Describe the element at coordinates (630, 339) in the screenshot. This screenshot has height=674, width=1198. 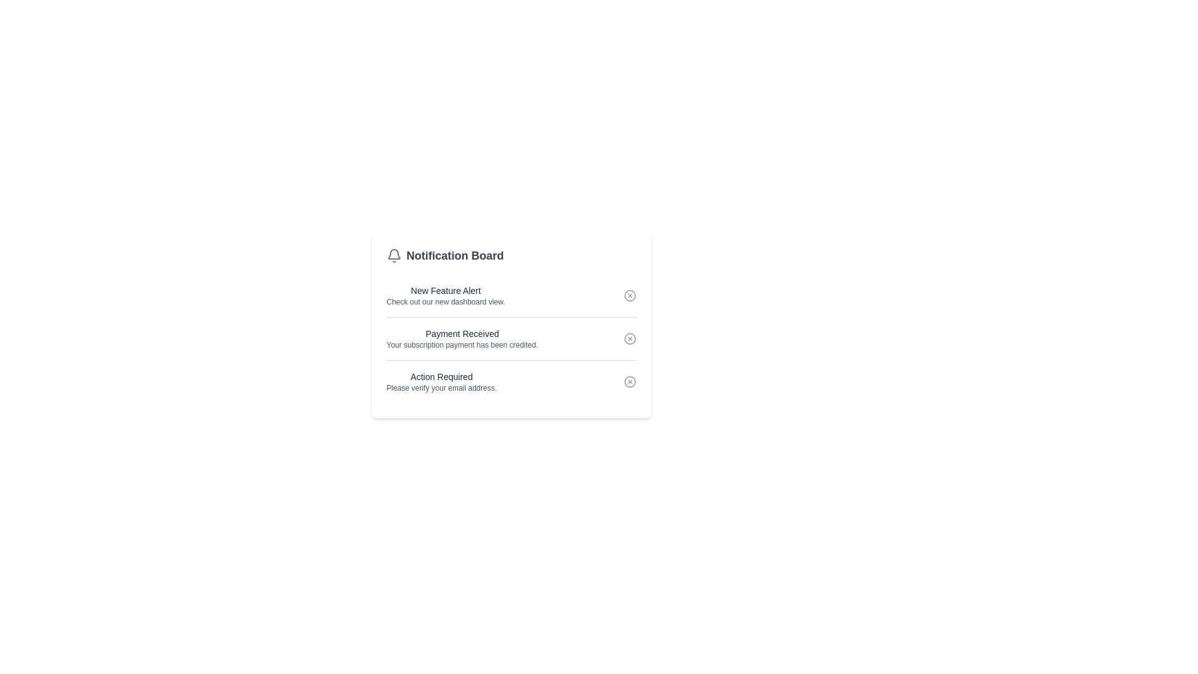
I see `the Circle SVG graphical element that is part of the notification interface for the 'Payment Received' entry, located on the rightmost side of the icon` at that location.